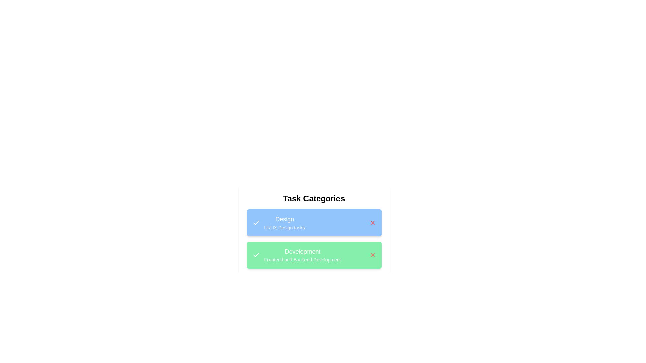 Image resolution: width=646 pixels, height=363 pixels. What do you see at coordinates (256, 223) in the screenshot?
I see `the task category's icon to trigger additional interactions` at bounding box center [256, 223].